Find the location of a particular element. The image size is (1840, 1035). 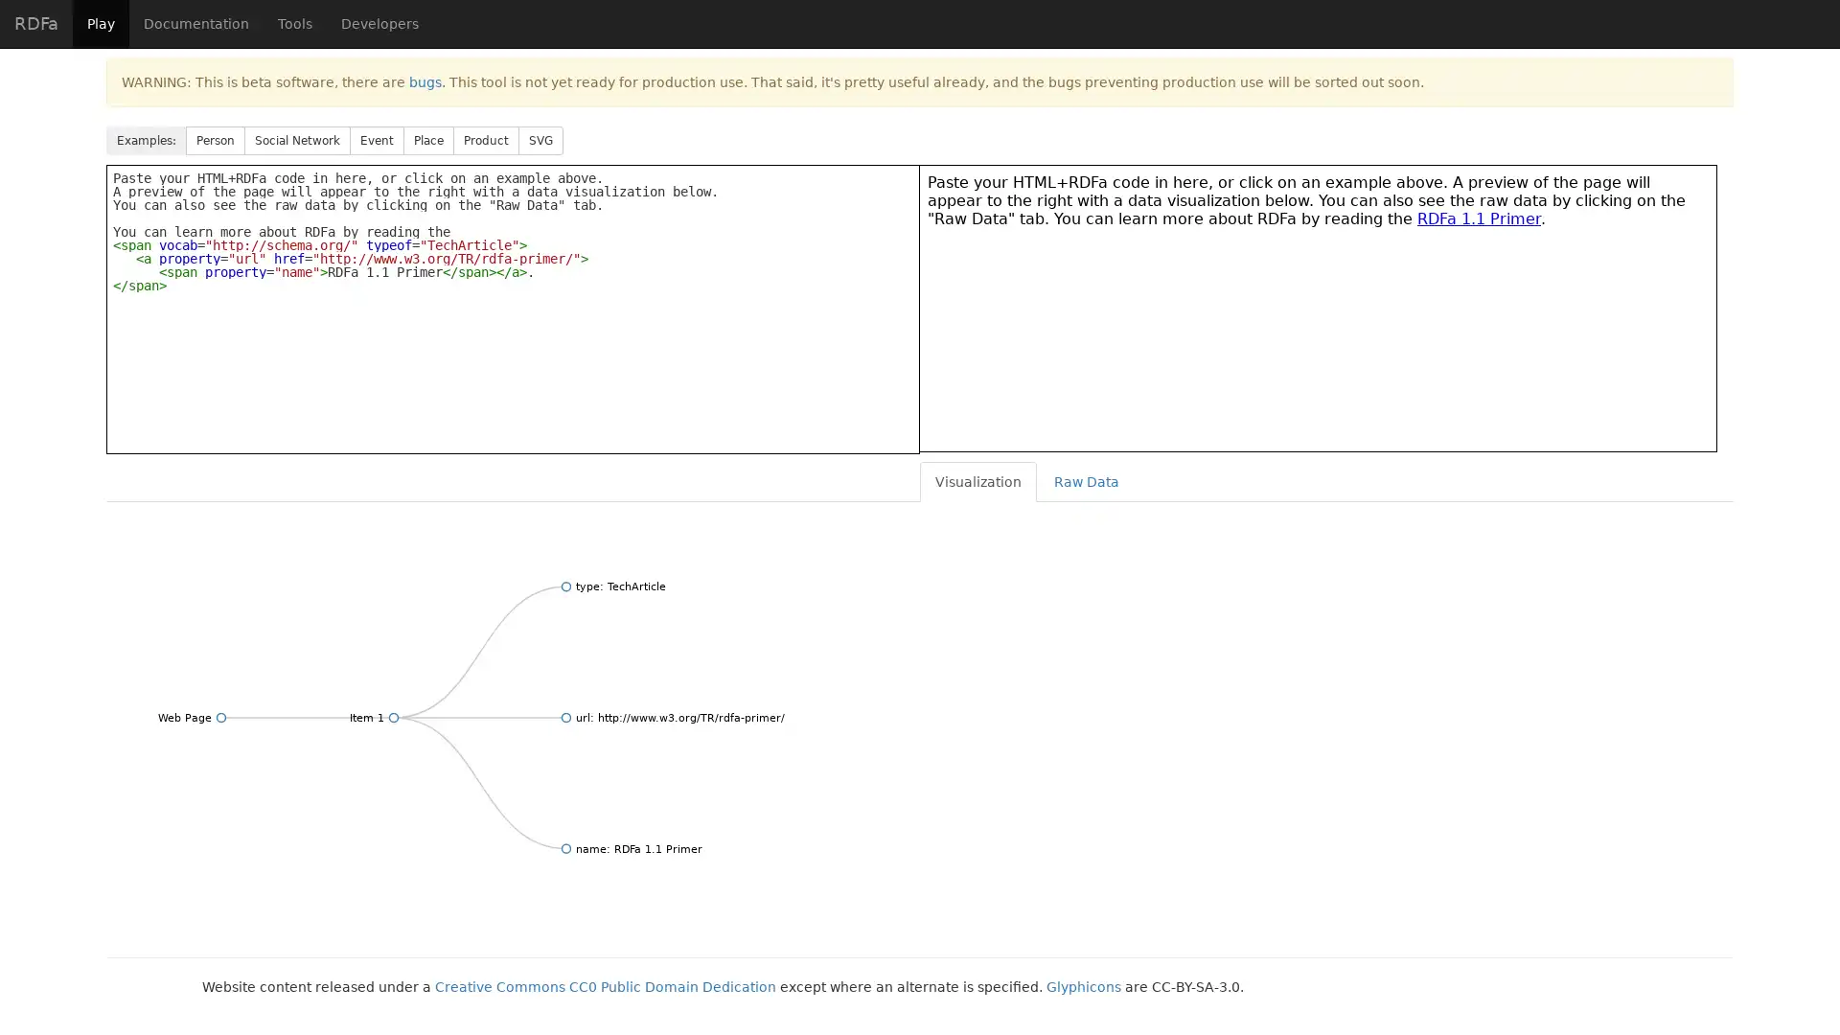

Event is located at coordinates (377, 139).